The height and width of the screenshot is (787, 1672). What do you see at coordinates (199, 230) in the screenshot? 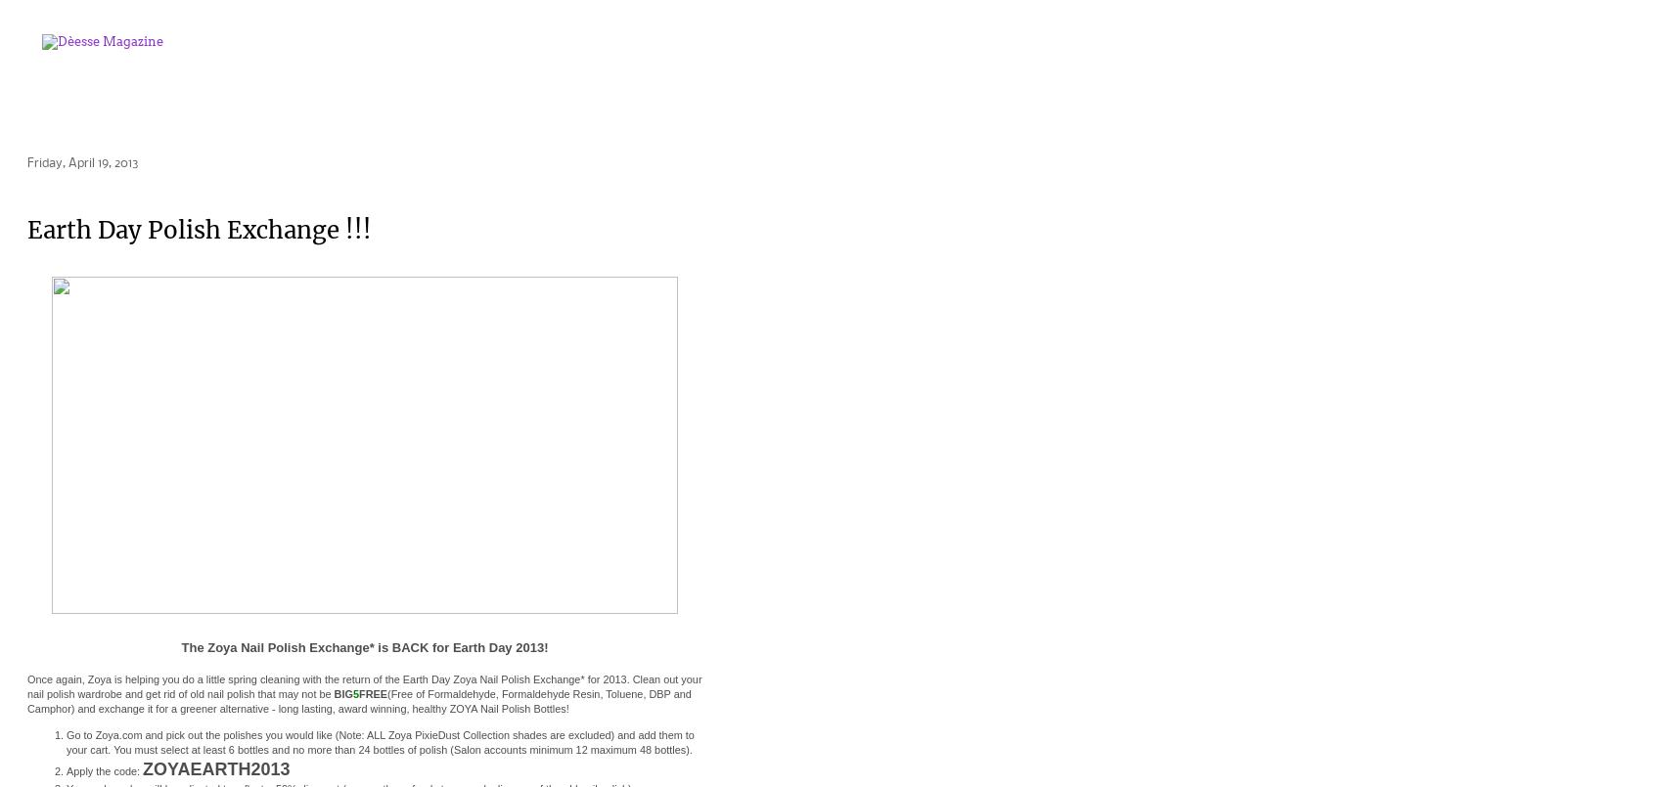
I see `'Earth Day Polish Exchange !!!'` at bounding box center [199, 230].